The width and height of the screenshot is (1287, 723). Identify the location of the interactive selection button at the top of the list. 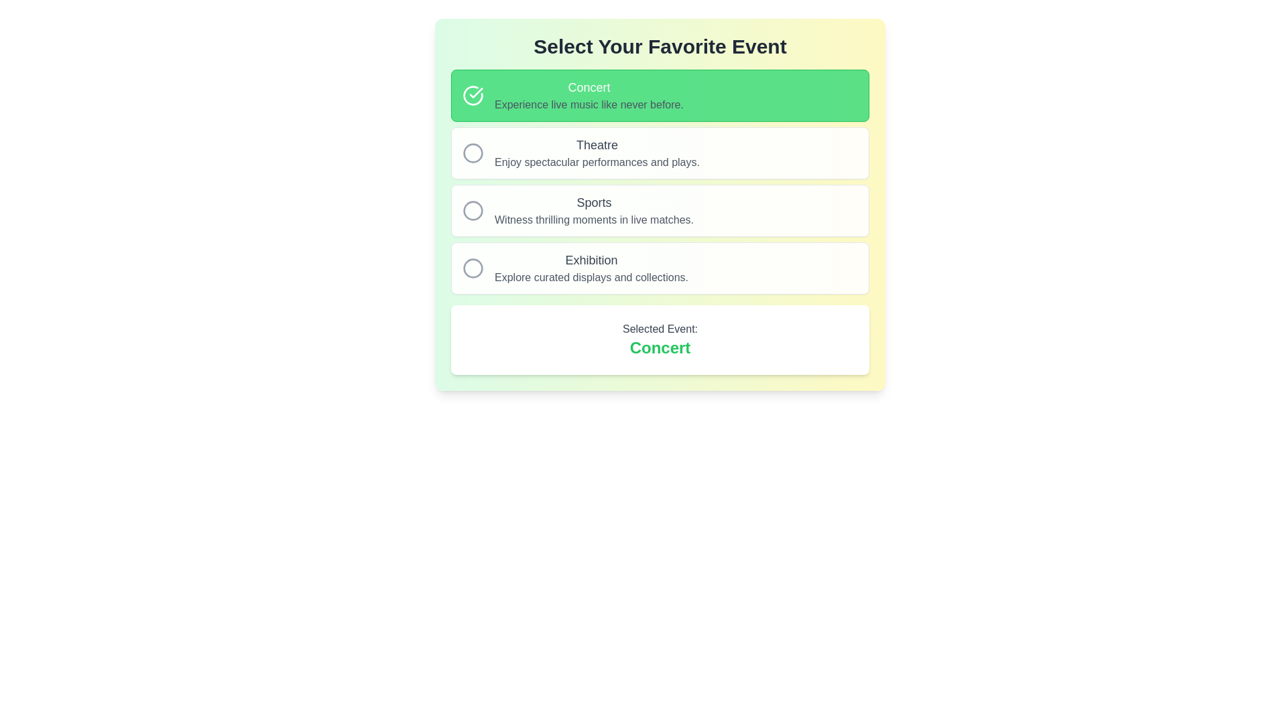
(660, 94).